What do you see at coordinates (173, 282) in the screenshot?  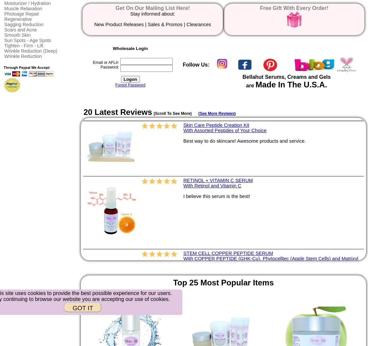 I see `'Top 25 Most Popular Items'` at bounding box center [173, 282].